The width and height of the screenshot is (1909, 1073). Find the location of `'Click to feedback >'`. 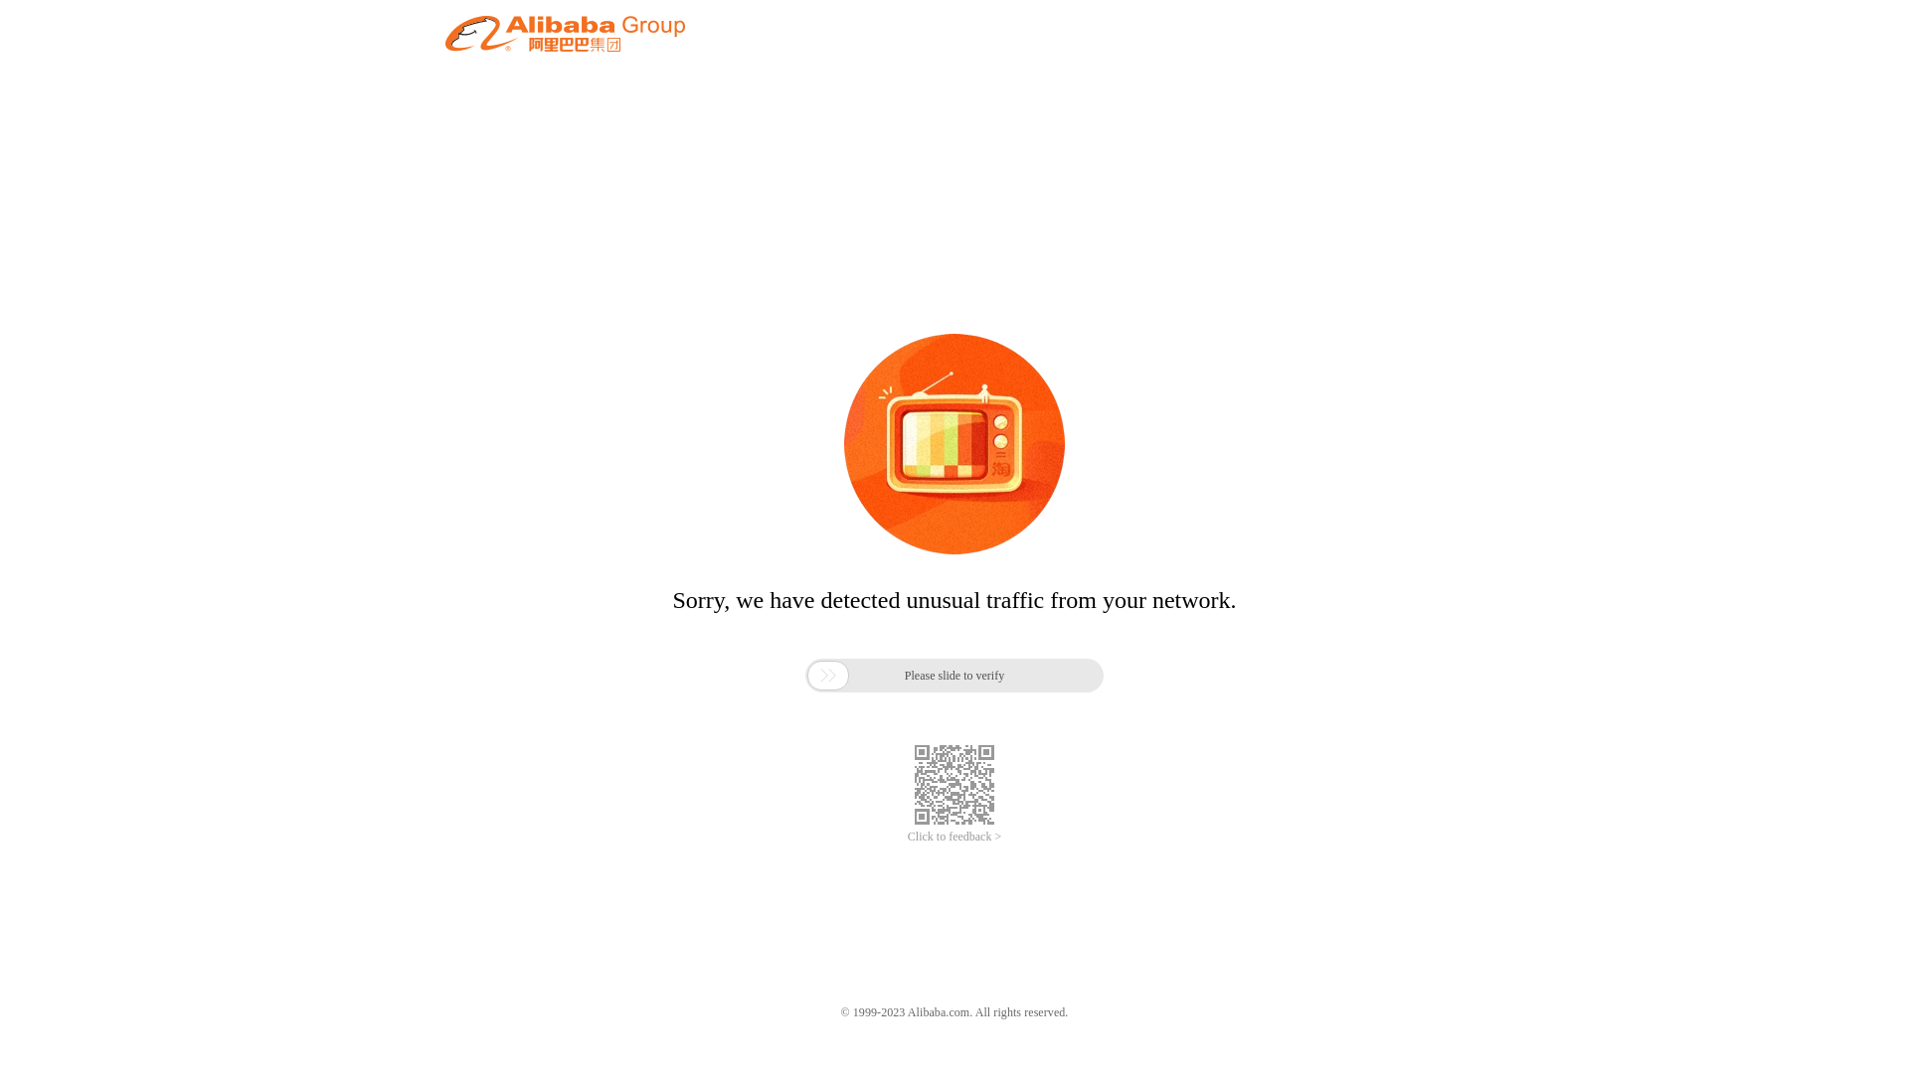

'Click to feedback >' is located at coordinates (954, 837).